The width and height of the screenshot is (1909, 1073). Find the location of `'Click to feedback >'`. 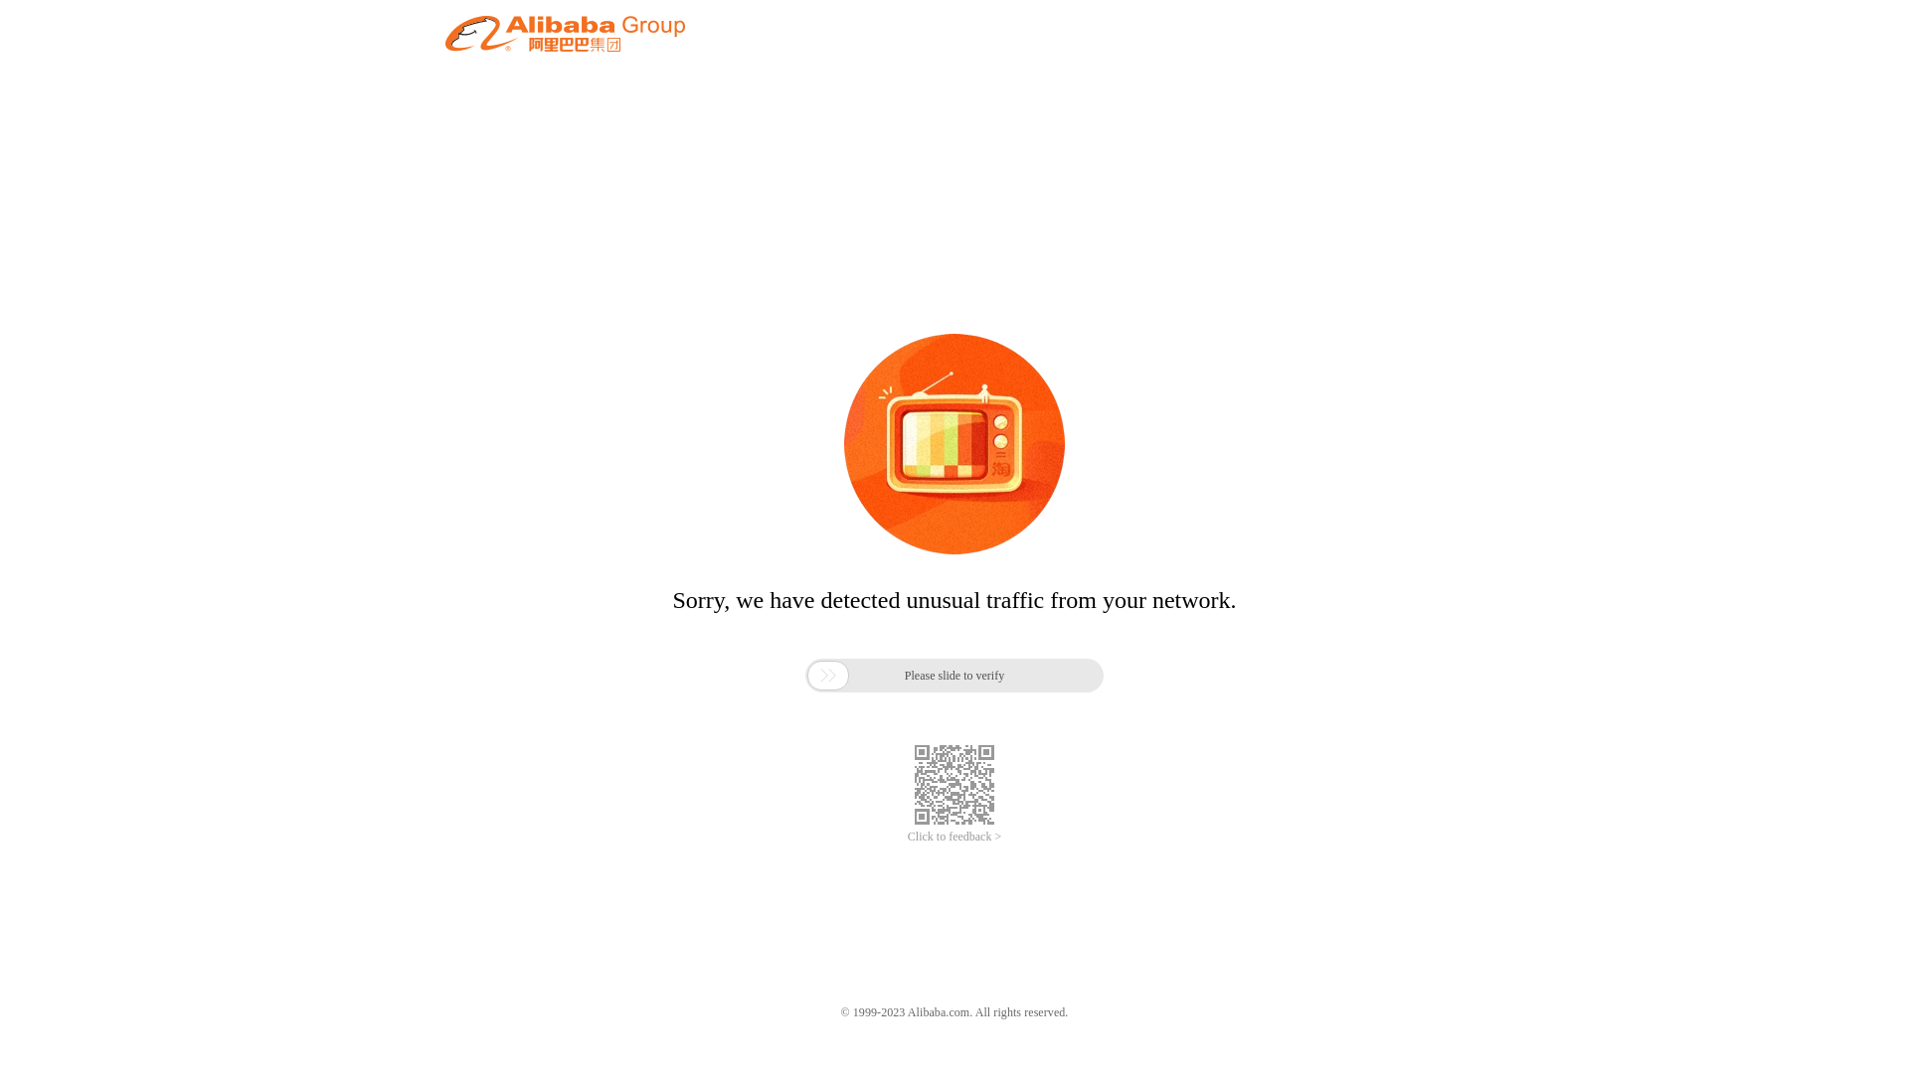

'Click to feedback >' is located at coordinates (954, 837).